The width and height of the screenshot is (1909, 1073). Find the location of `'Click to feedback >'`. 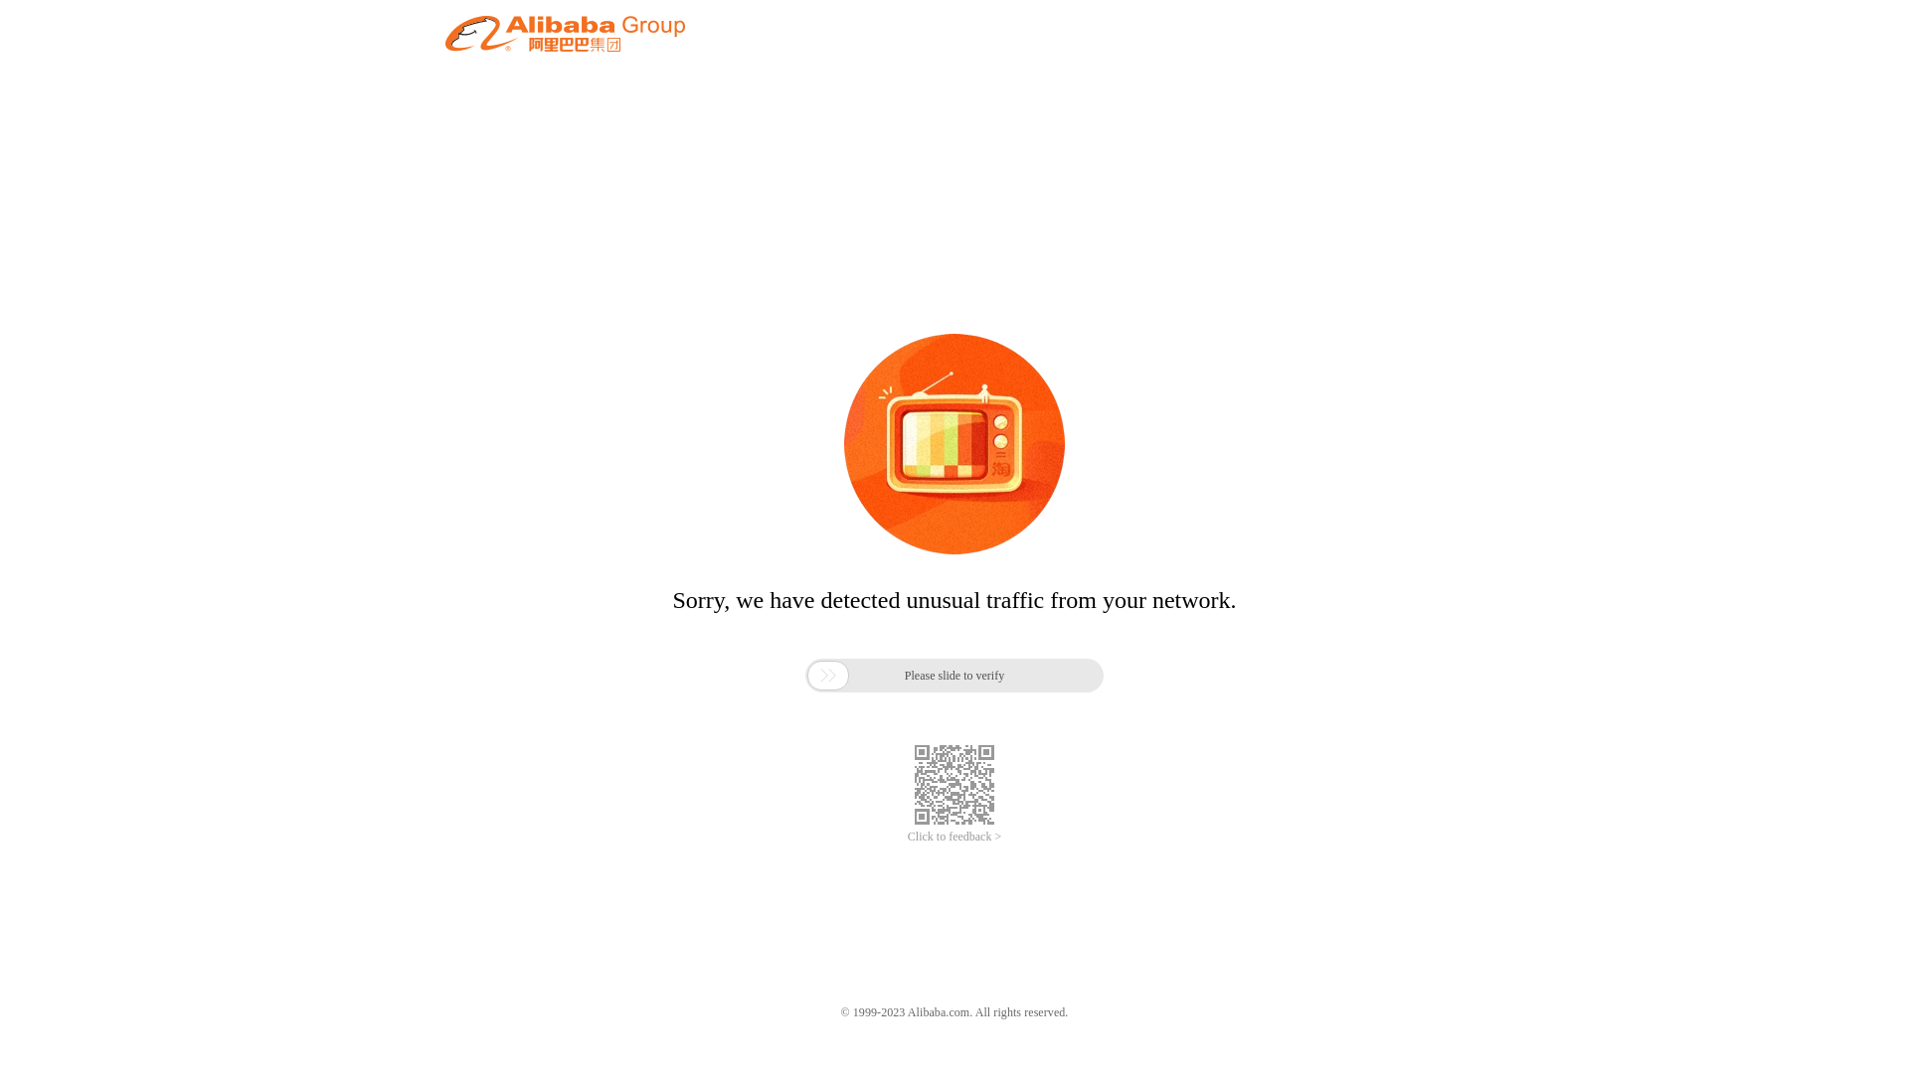

'Click to feedback >' is located at coordinates (954, 837).